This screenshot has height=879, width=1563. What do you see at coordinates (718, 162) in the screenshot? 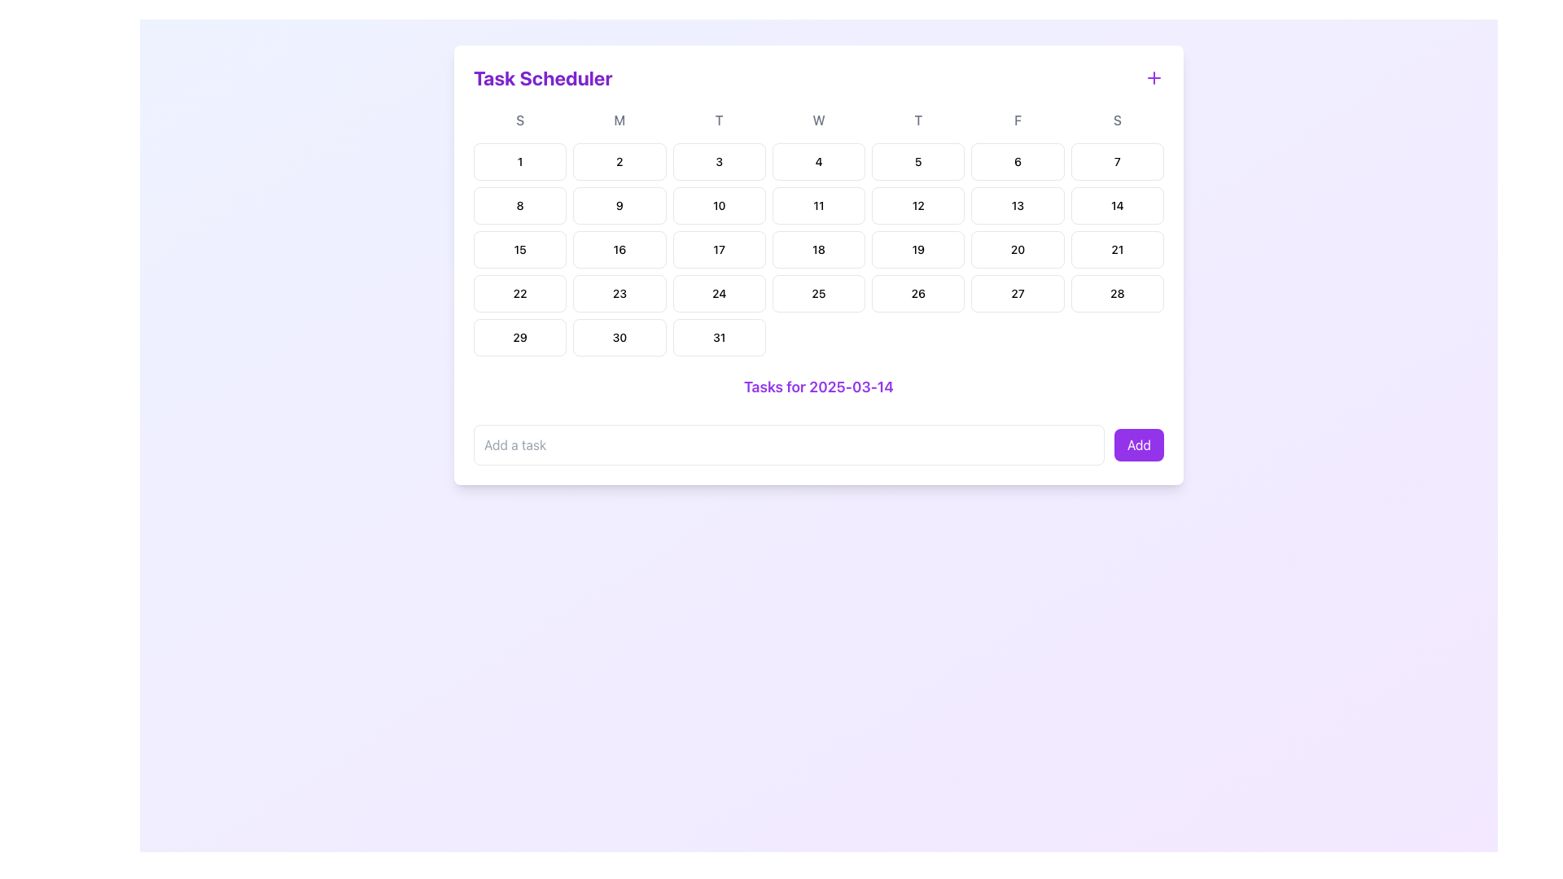
I see `the button labeled '3' which is a rectangular button with rounded corners and a white background` at bounding box center [718, 162].